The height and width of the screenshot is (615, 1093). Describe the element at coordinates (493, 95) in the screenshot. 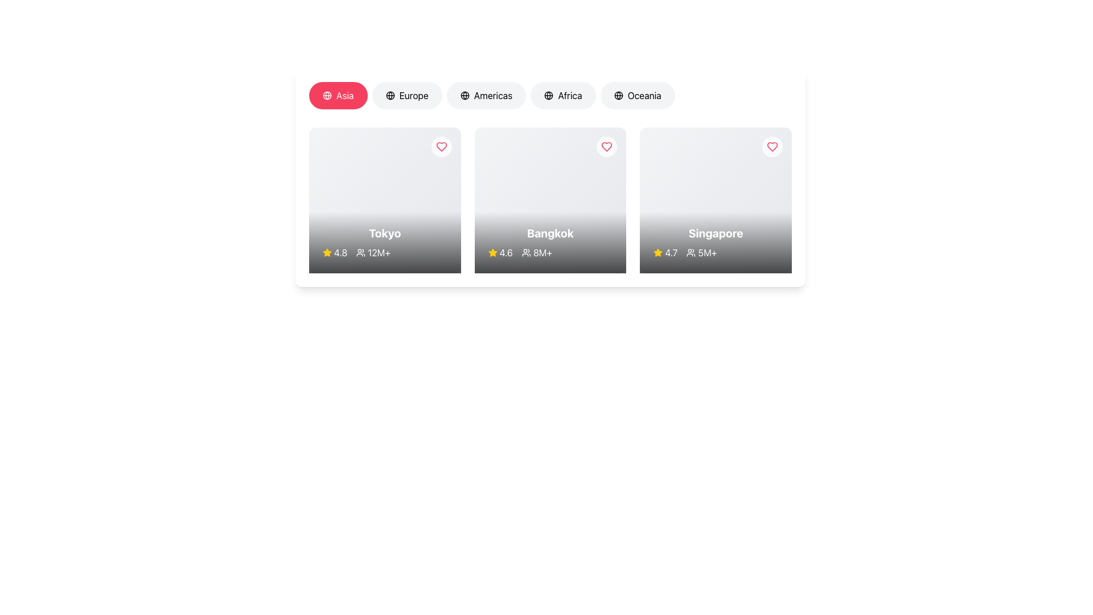

I see `the 'Americas' text label within the interactive region selector button` at that location.